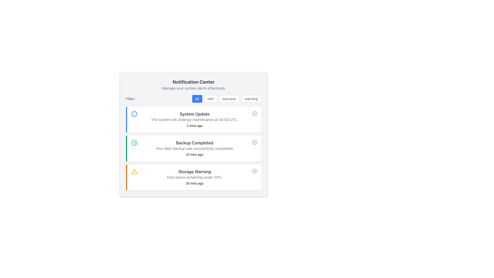  What do you see at coordinates (229, 99) in the screenshot?
I see `the button labeled 'success', which is the third button in a series of four, to change its background color to light blue` at bounding box center [229, 99].